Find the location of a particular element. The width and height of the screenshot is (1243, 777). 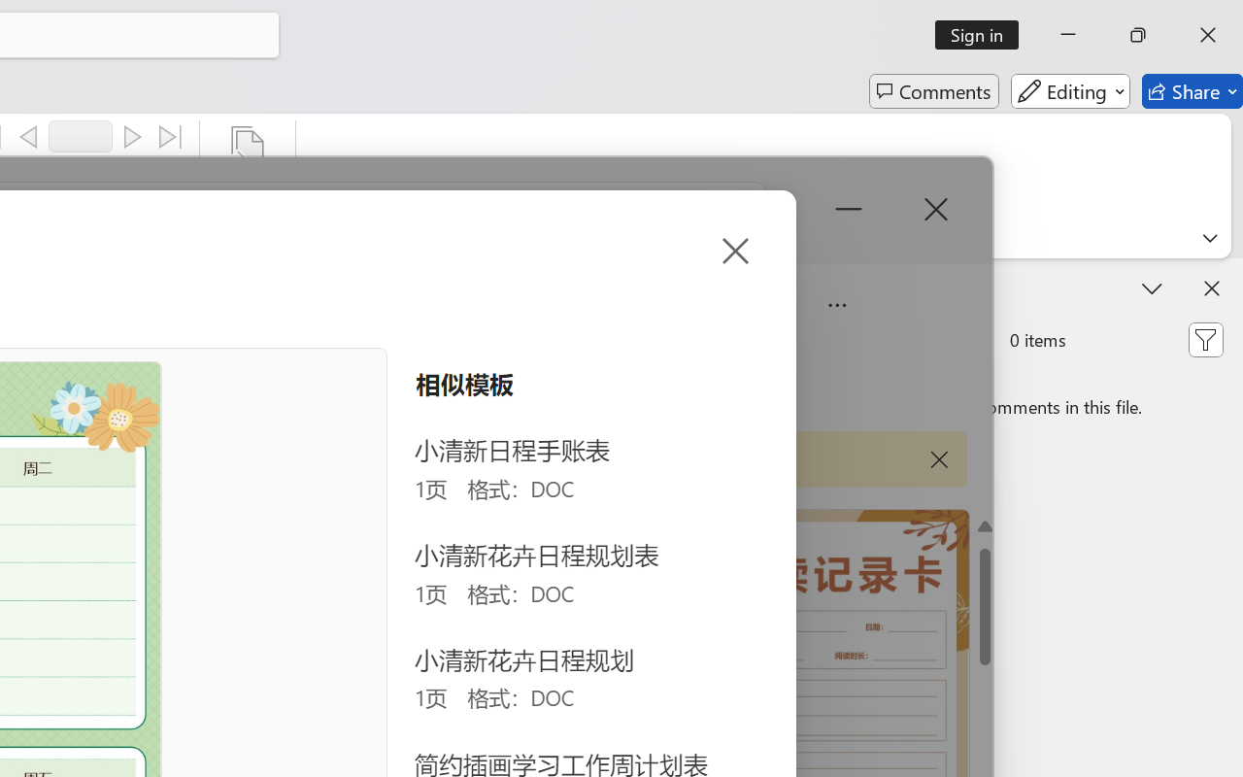

'Last' is located at coordinates (171, 137).